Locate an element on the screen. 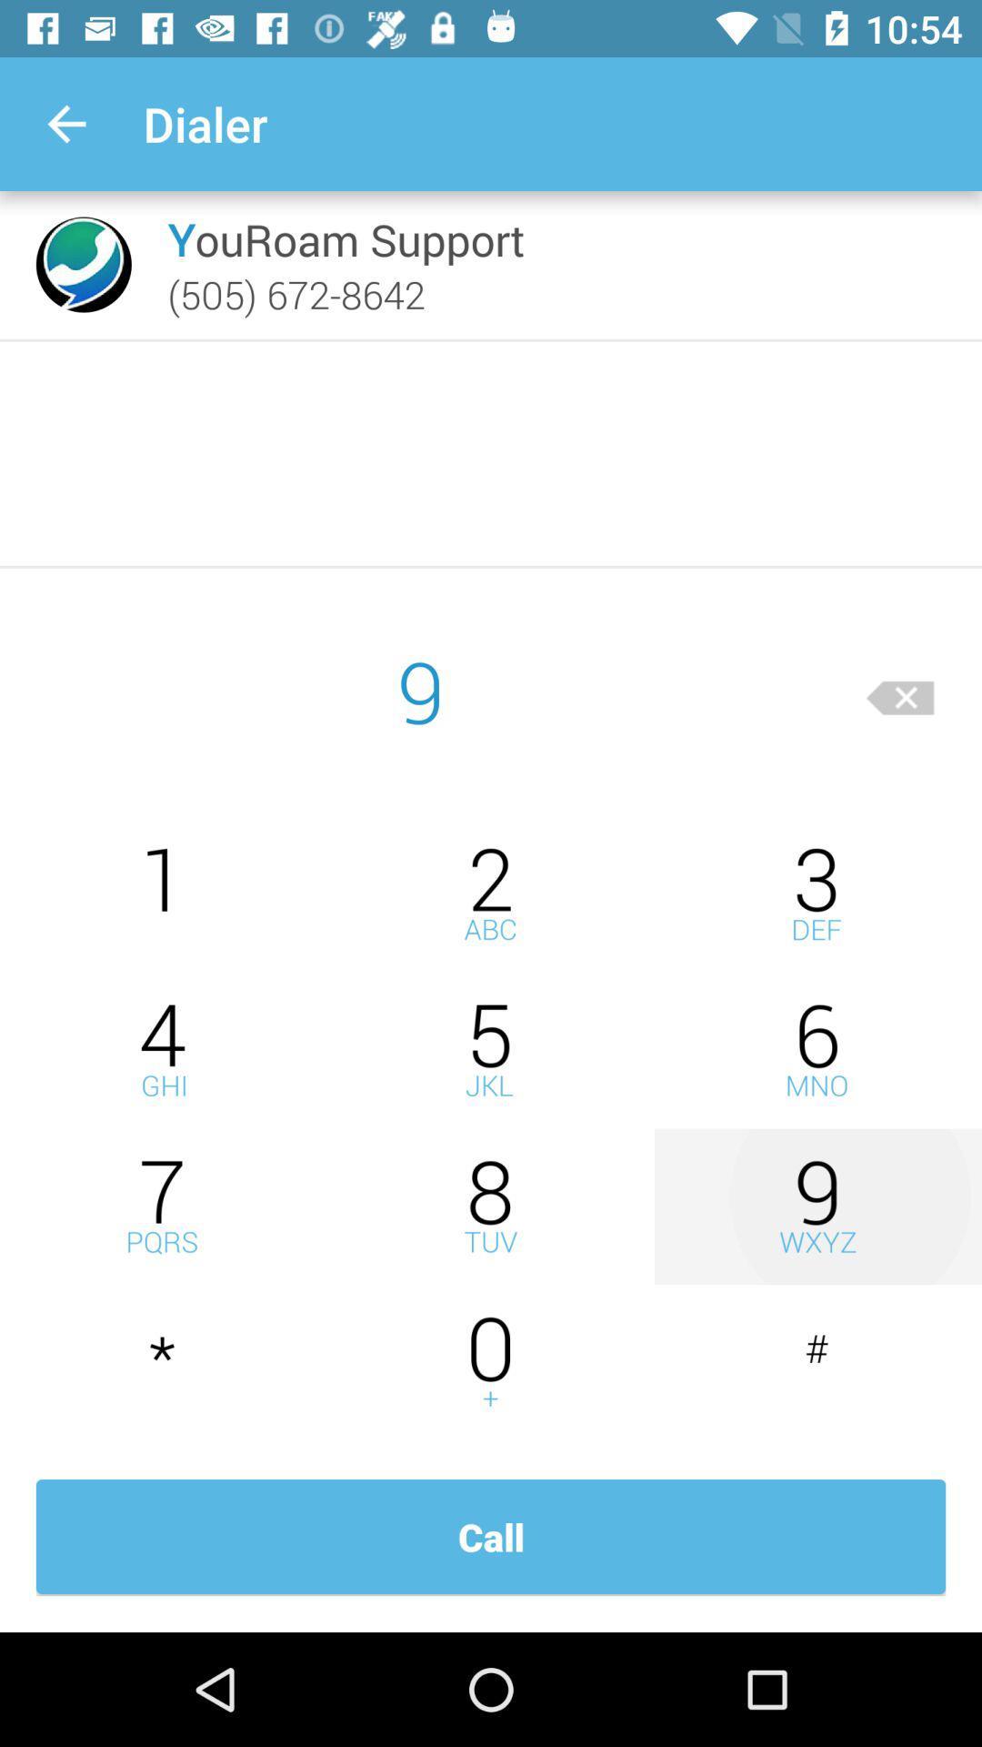 Image resolution: width=982 pixels, height=1747 pixels. number nine on keyboard is located at coordinates (817, 1207).